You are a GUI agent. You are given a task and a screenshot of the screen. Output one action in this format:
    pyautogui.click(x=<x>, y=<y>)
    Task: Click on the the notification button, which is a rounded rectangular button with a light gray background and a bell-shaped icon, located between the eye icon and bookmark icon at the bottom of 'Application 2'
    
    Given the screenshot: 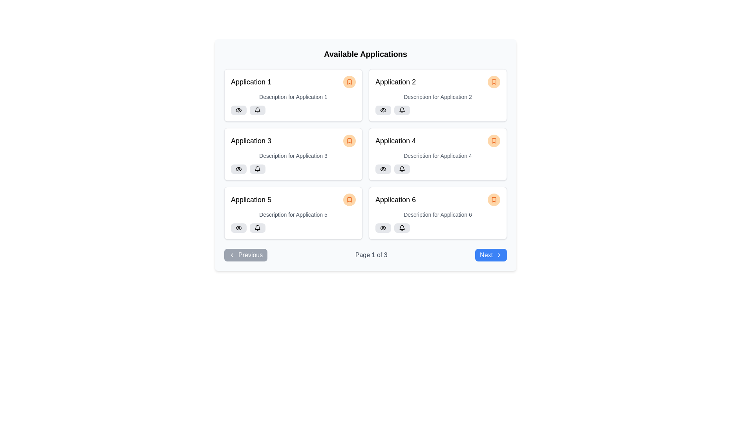 What is the action you would take?
    pyautogui.click(x=402, y=110)
    